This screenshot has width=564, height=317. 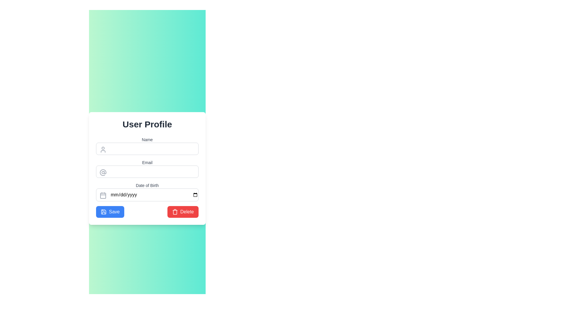 What do you see at coordinates (103, 172) in the screenshot?
I see `the at-symbol icon, which is small, gray, and positioned to the left of the email input field in the form` at bounding box center [103, 172].